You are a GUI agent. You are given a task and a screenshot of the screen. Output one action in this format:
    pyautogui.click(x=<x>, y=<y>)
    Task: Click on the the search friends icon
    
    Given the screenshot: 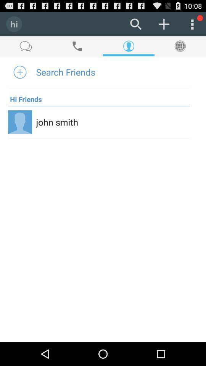 What is the action you would take?
    pyautogui.click(x=66, y=72)
    